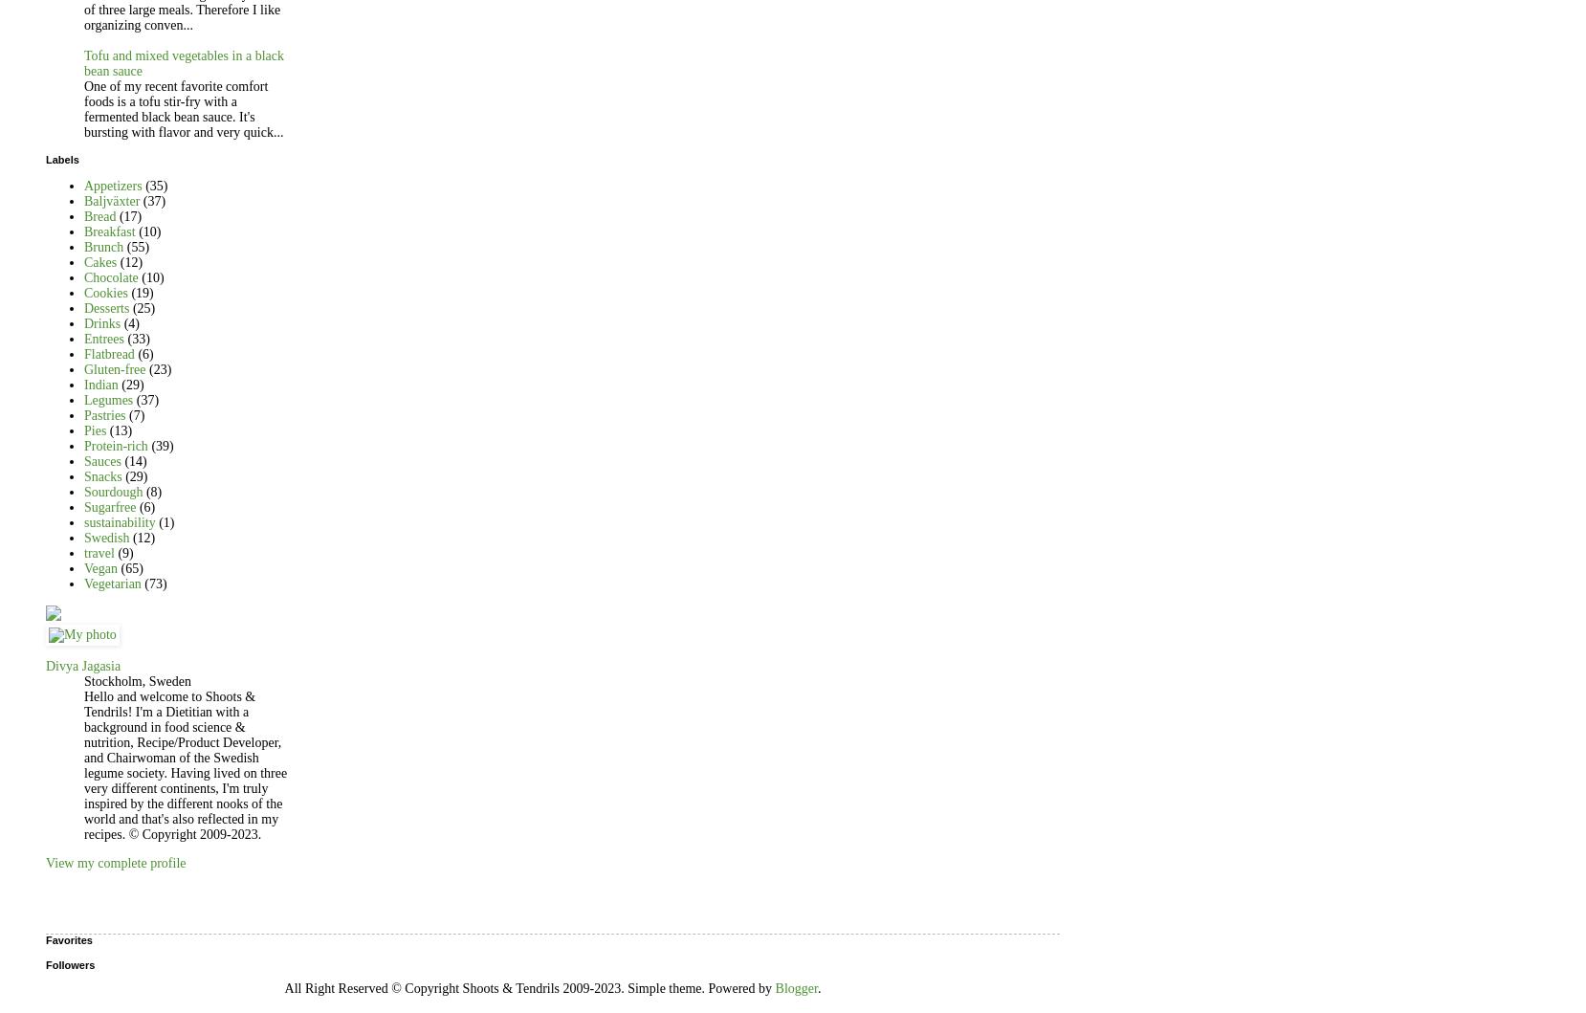 This screenshot has height=1013, width=1586. Describe the element at coordinates (99, 567) in the screenshot. I see `'Vegan'` at that location.